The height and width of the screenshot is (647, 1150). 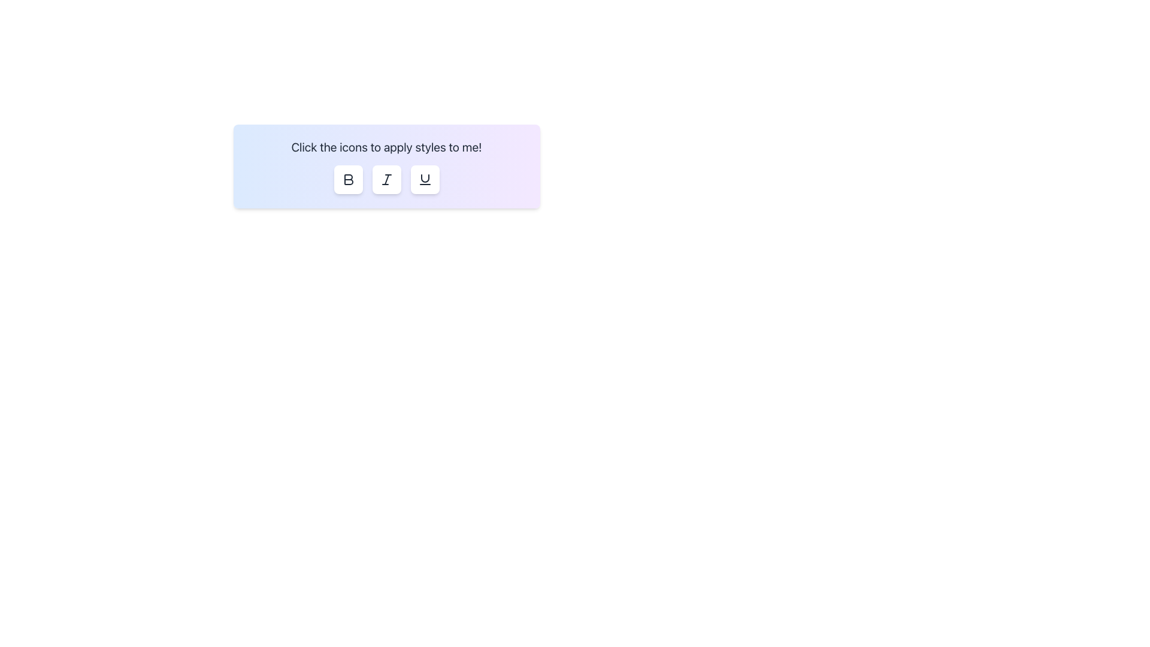 What do you see at coordinates (347, 180) in the screenshot?
I see `the first button in a row of three that applies bold styling to selected text` at bounding box center [347, 180].